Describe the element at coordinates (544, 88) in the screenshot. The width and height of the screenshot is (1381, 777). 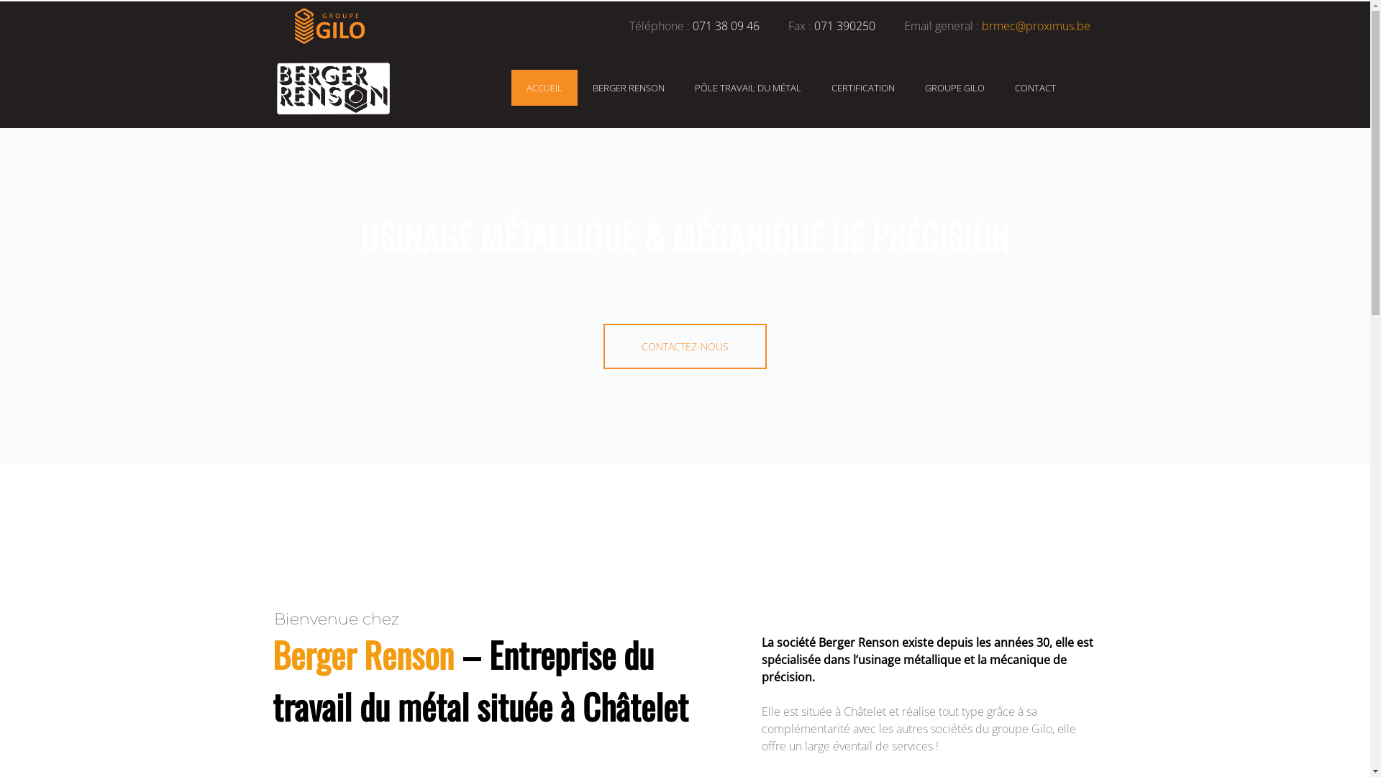
I see `'ACCUEIL'` at that location.